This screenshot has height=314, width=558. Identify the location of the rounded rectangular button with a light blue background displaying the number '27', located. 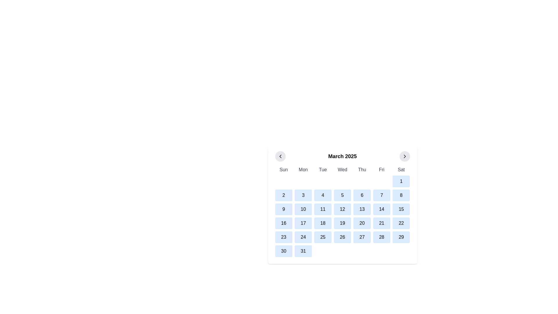
(362, 237).